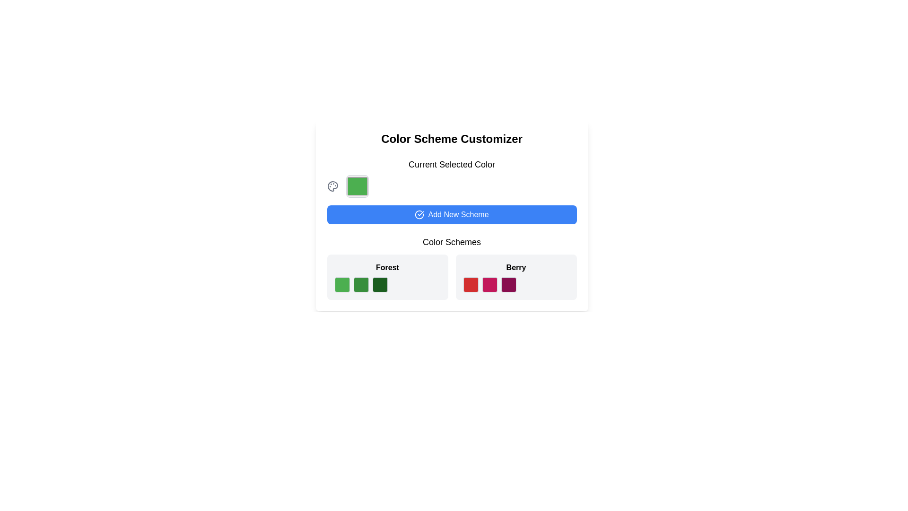  I want to click on the palette icon located at the top-left corner of the main panel, which resembles a painter's palette with a circular shape and smaller circles inside, so click(332, 186).